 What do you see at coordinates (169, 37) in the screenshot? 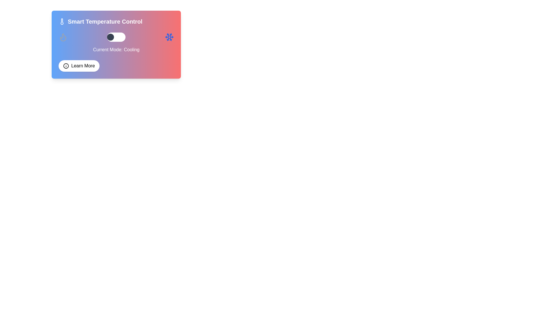
I see `the blue snowflake icon located in the rightmost section of the gradient background panel within the 'Smart Temperature Control' card` at bounding box center [169, 37].